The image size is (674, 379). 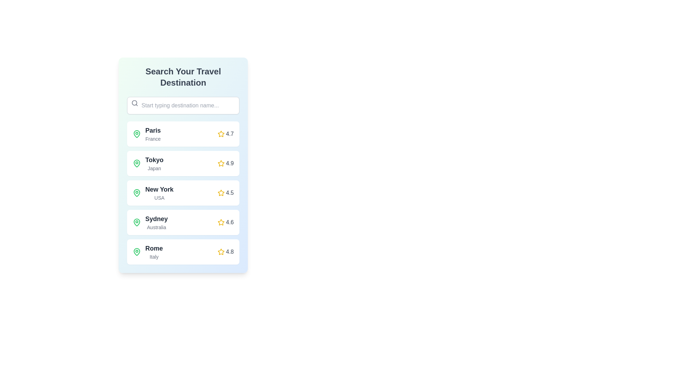 What do you see at coordinates (220, 222) in the screenshot?
I see `the yellow star-like icon representing the rating or favorite feature located to the right of the 'Sydney' destination row with a rating of 4.6` at bounding box center [220, 222].